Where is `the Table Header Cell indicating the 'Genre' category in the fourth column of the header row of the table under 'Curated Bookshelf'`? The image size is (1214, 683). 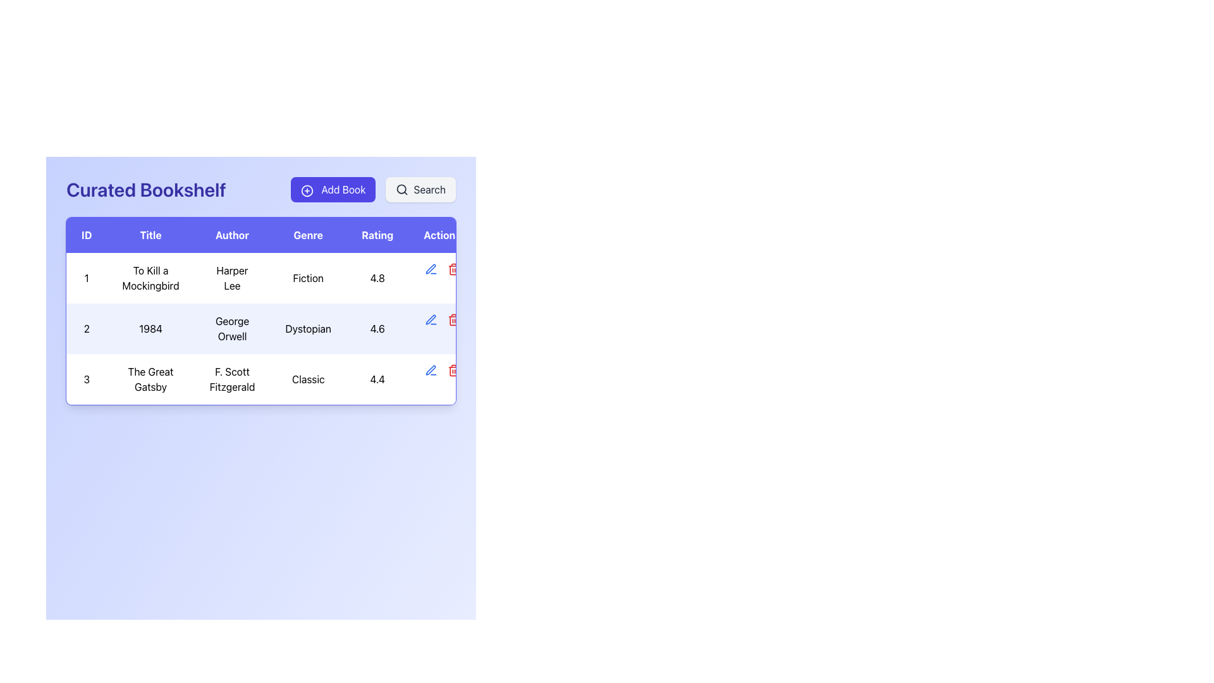 the Table Header Cell indicating the 'Genre' category in the fourth column of the header row of the table under 'Curated Bookshelf' is located at coordinates (308, 235).